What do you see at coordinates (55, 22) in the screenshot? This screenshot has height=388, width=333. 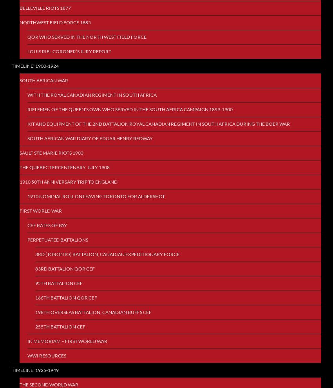 I see `'Northwest Field Force 1885'` at bounding box center [55, 22].